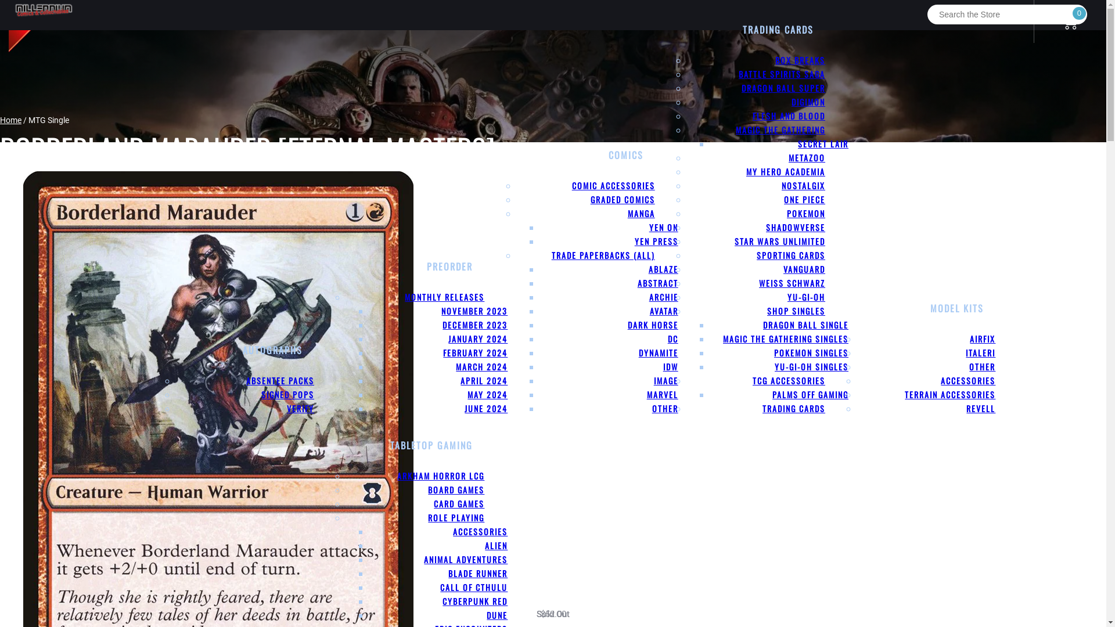  What do you see at coordinates (627, 325) in the screenshot?
I see `'DARK HORSE'` at bounding box center [627, 325].